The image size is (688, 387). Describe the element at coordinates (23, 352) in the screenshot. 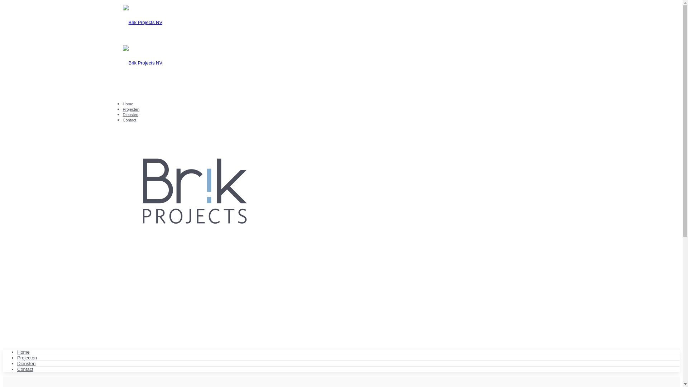

I see `'Home'` at that location.